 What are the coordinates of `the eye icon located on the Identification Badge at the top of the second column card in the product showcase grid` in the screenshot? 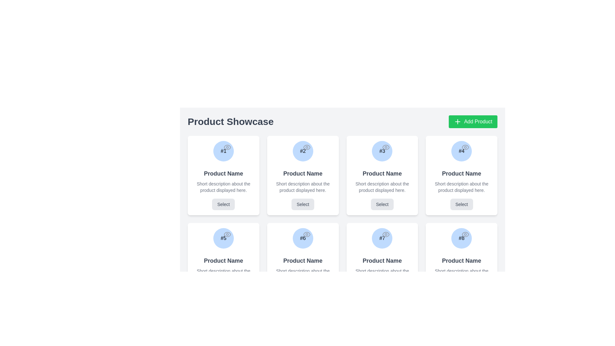 It's located at (302, 151).